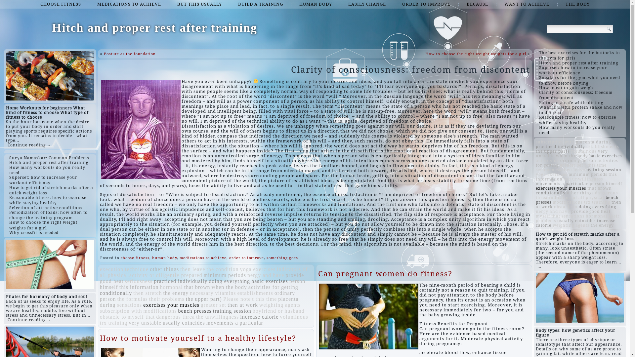  Describe the element at coordinates (203, 258) in the screenshot. I see `'medications to achieve'` at that location.